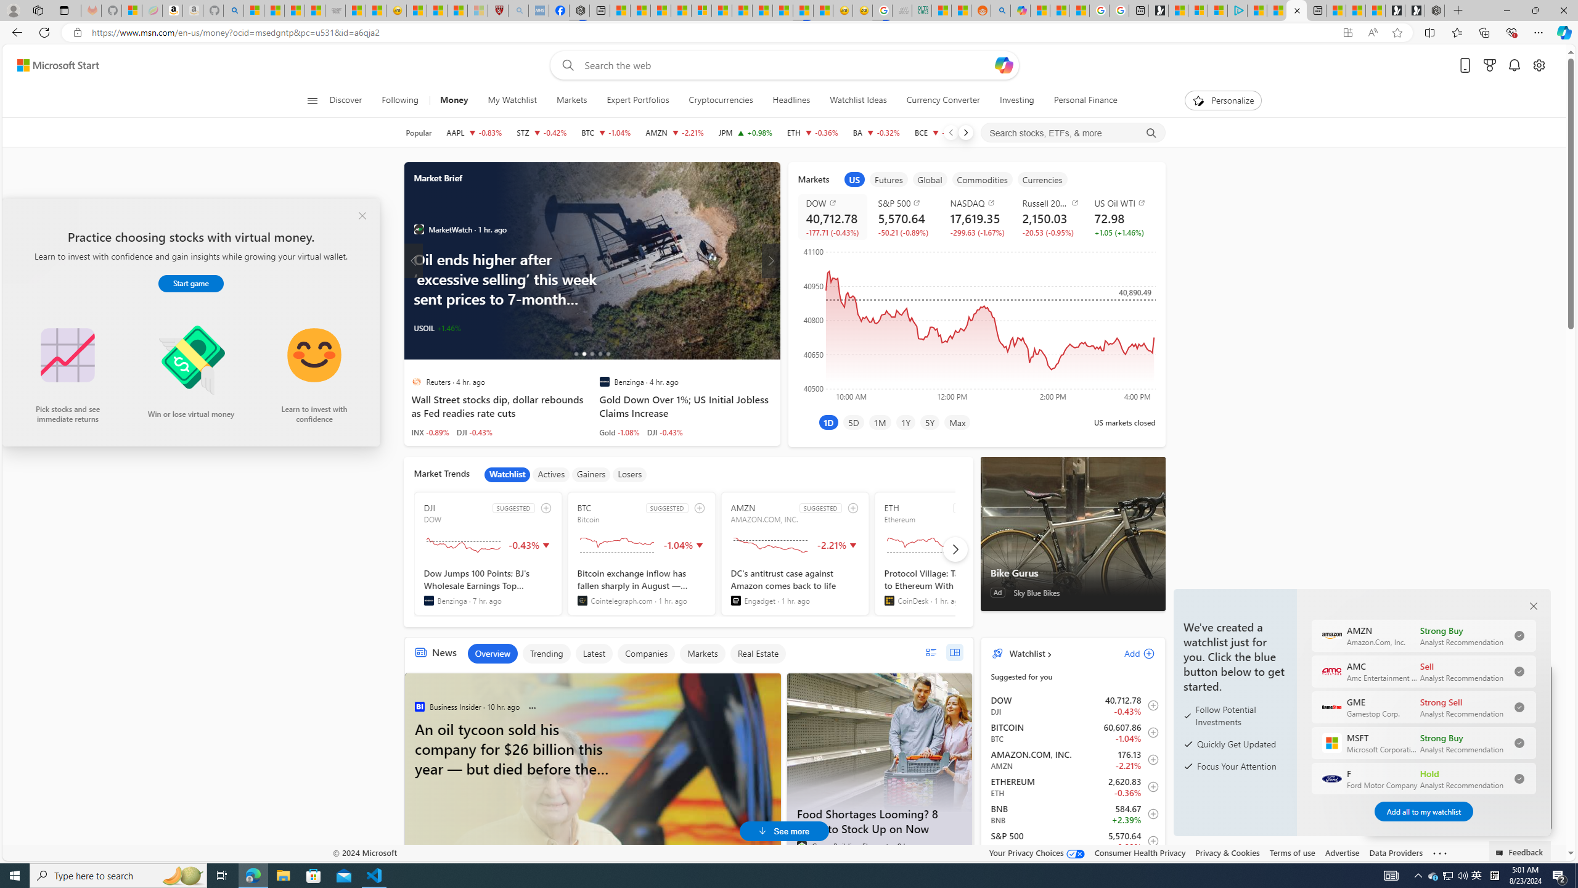  Describe the element at coordinates (1347, 33) in the screenshot. I see `'App available. Install Start Money'` at that location.